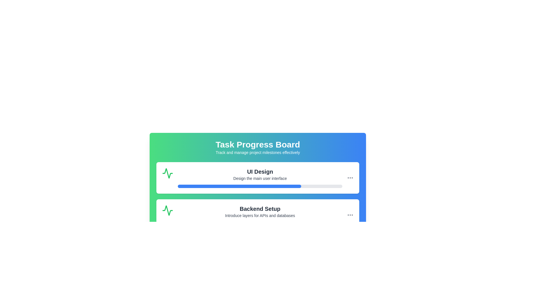 The width and height of the screenshot is (541, 304). I want to click on the bolded headline displaying 'Task Progress Board' located at the top of the section in the upper area of the interface, so click(258, 144).